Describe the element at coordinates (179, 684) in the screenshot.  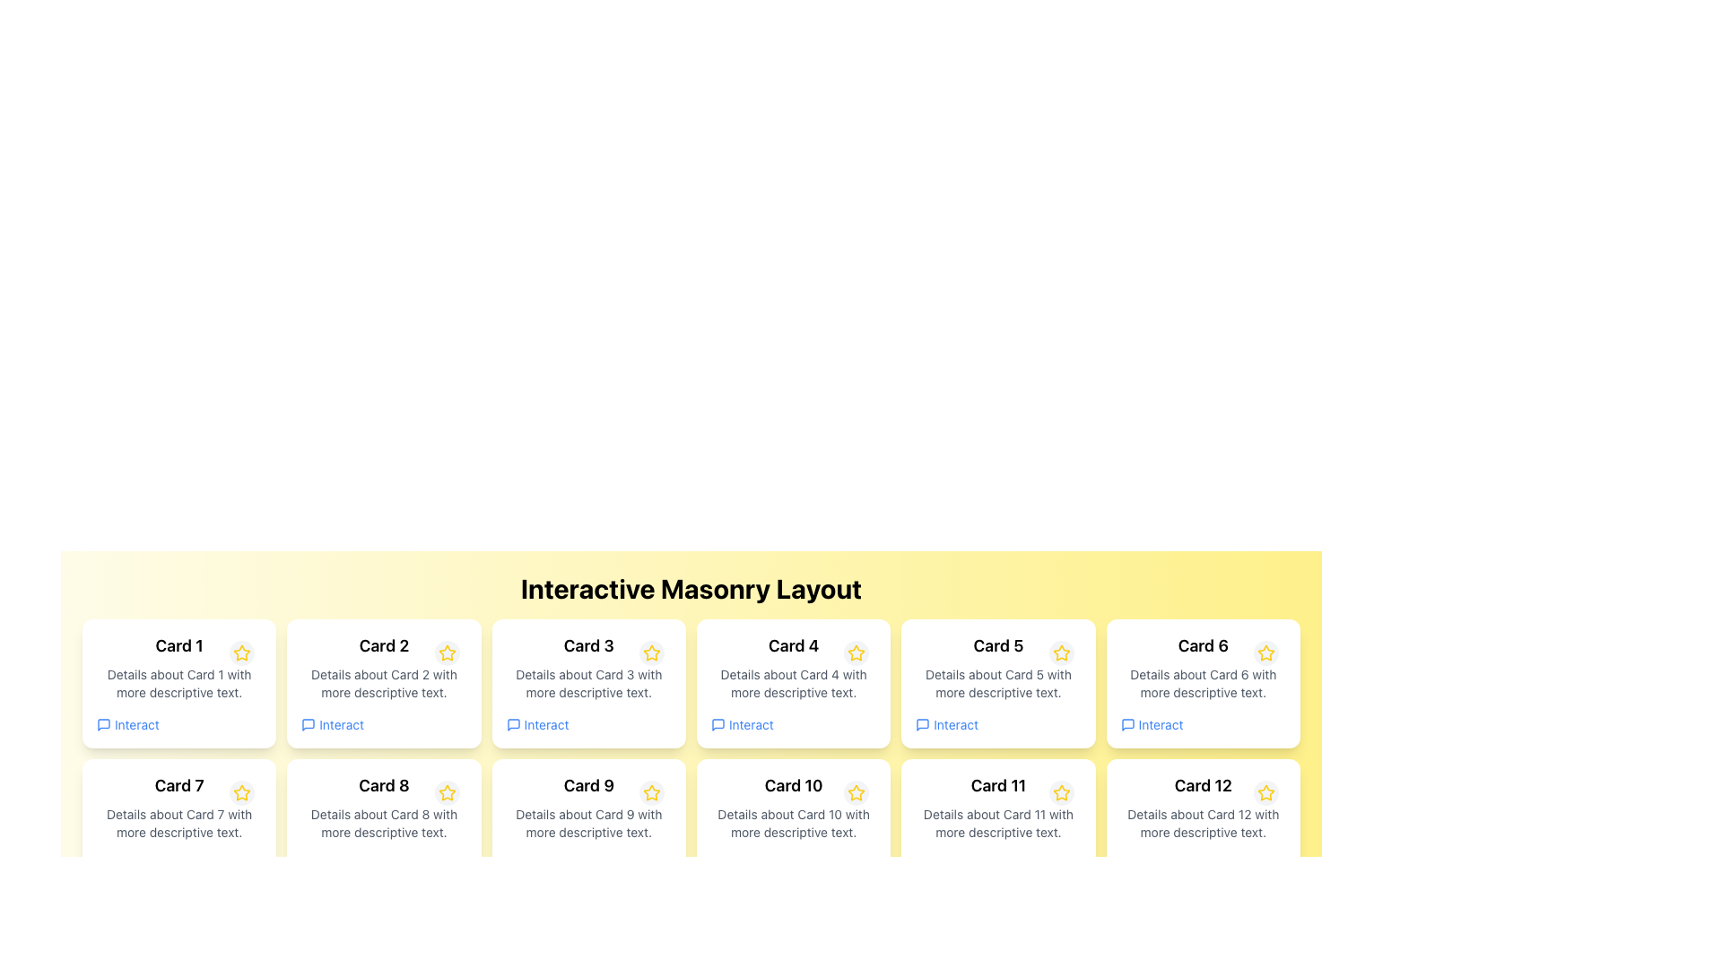
I see `textual information from the first card labeled 'Card 1' in the grid layout` at that location.